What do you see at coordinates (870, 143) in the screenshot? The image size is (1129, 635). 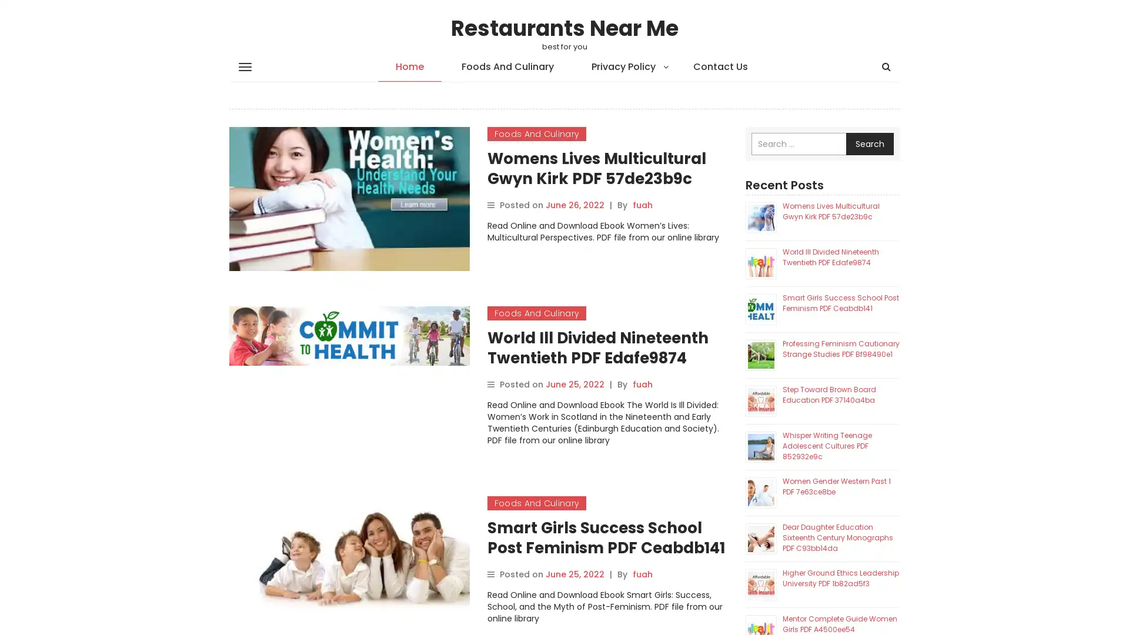 I see `Search` at bounding box center [870, 143].